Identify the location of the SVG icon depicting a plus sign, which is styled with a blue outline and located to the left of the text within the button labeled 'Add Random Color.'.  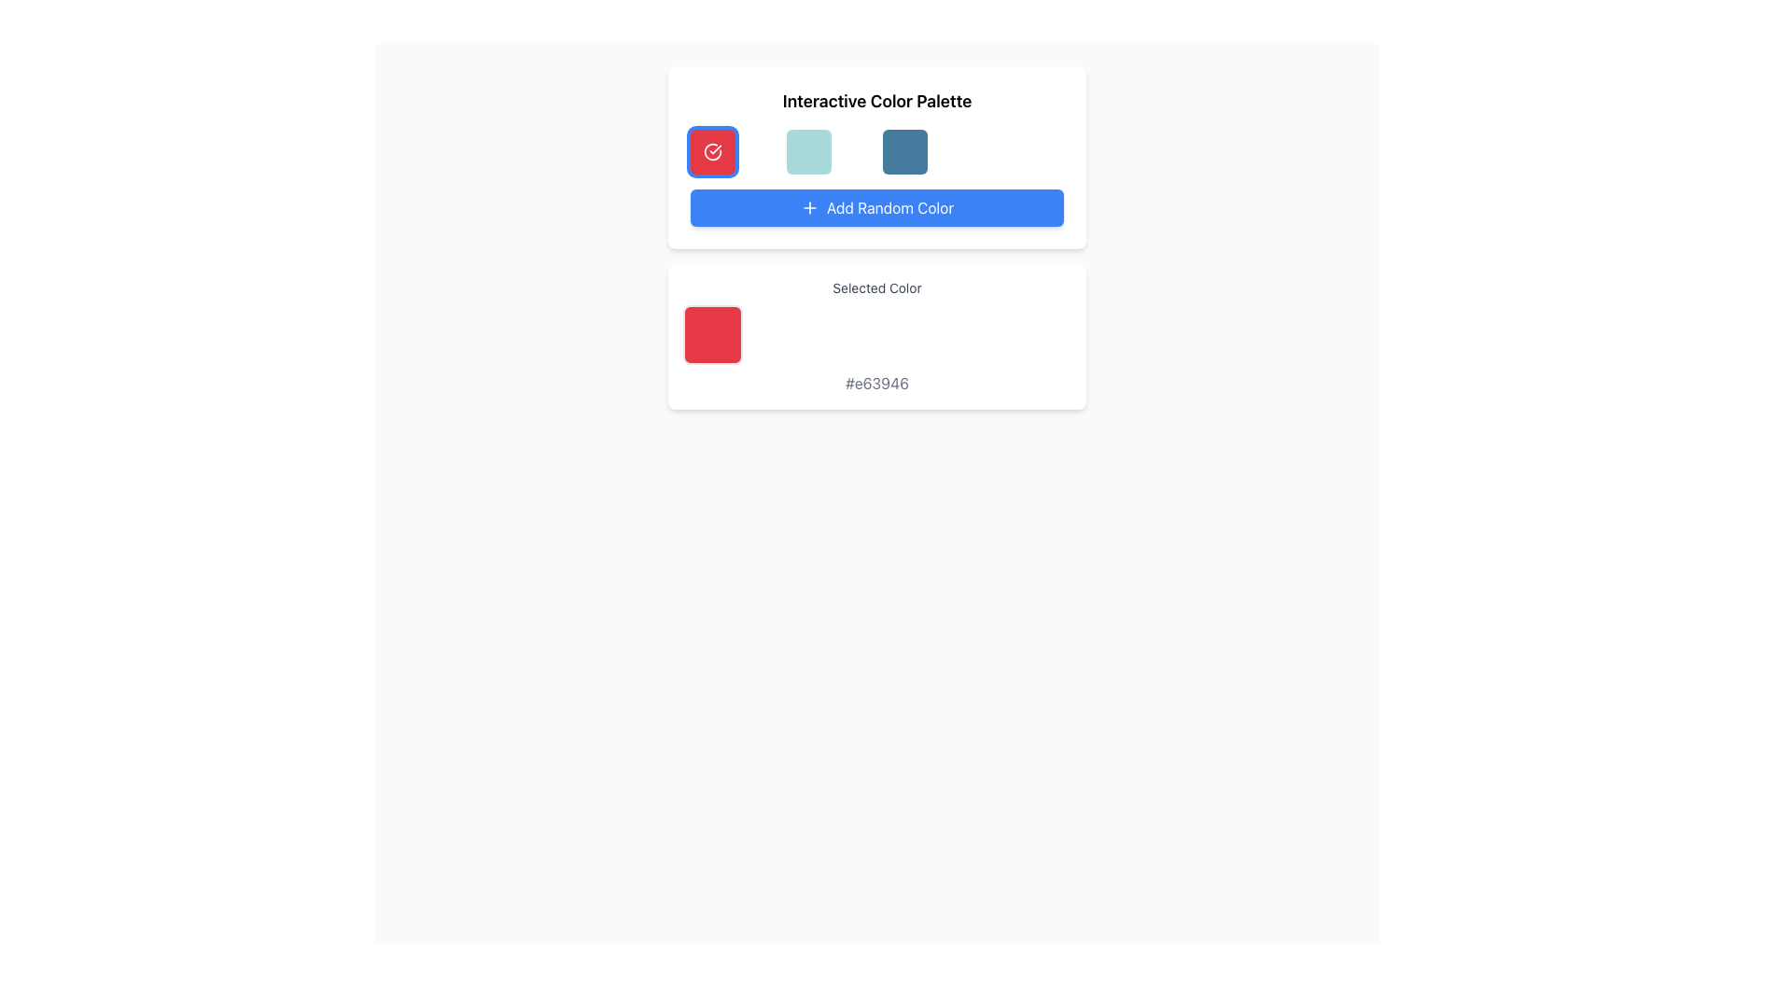
(809, 208).